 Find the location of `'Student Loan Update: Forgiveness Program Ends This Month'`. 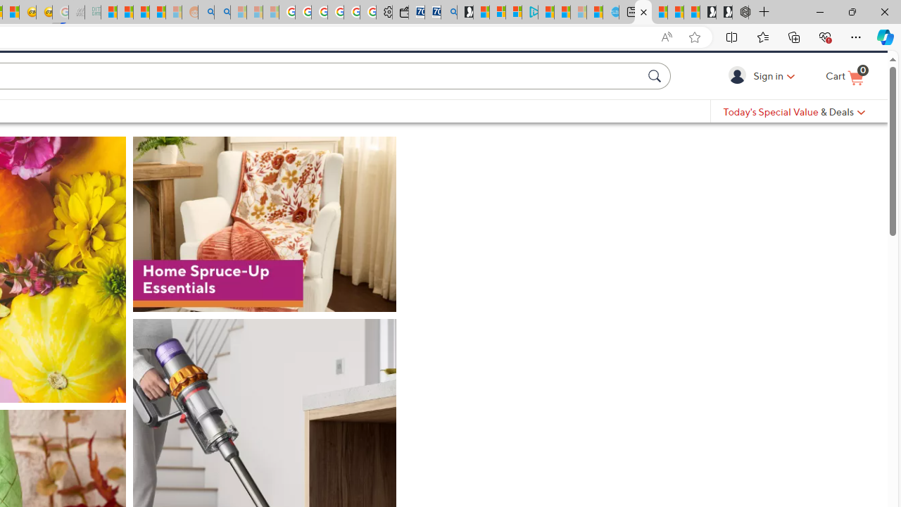

'Student Loan Update: Forgiveness Program Ends This Month' is located at coordinates (158, 12).